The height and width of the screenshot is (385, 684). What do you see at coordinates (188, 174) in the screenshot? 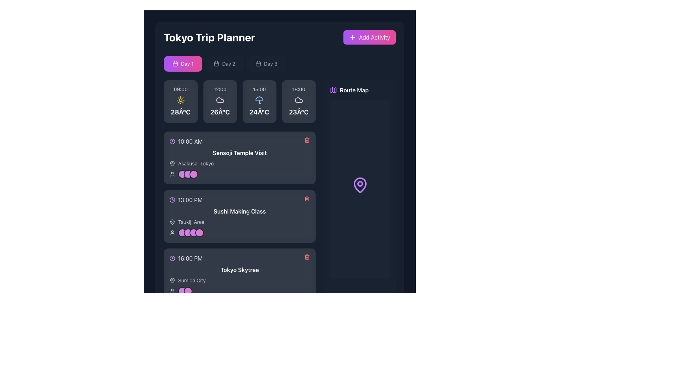
I see `the second avatar icon representing a participant in the Sensoji Temple Visit event card` at bounding box center [188, 174].